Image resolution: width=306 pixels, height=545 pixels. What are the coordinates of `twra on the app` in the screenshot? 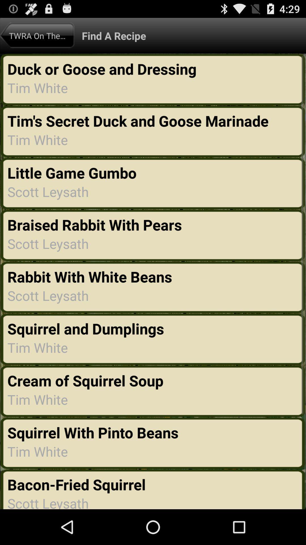 It's located at (37, 35).